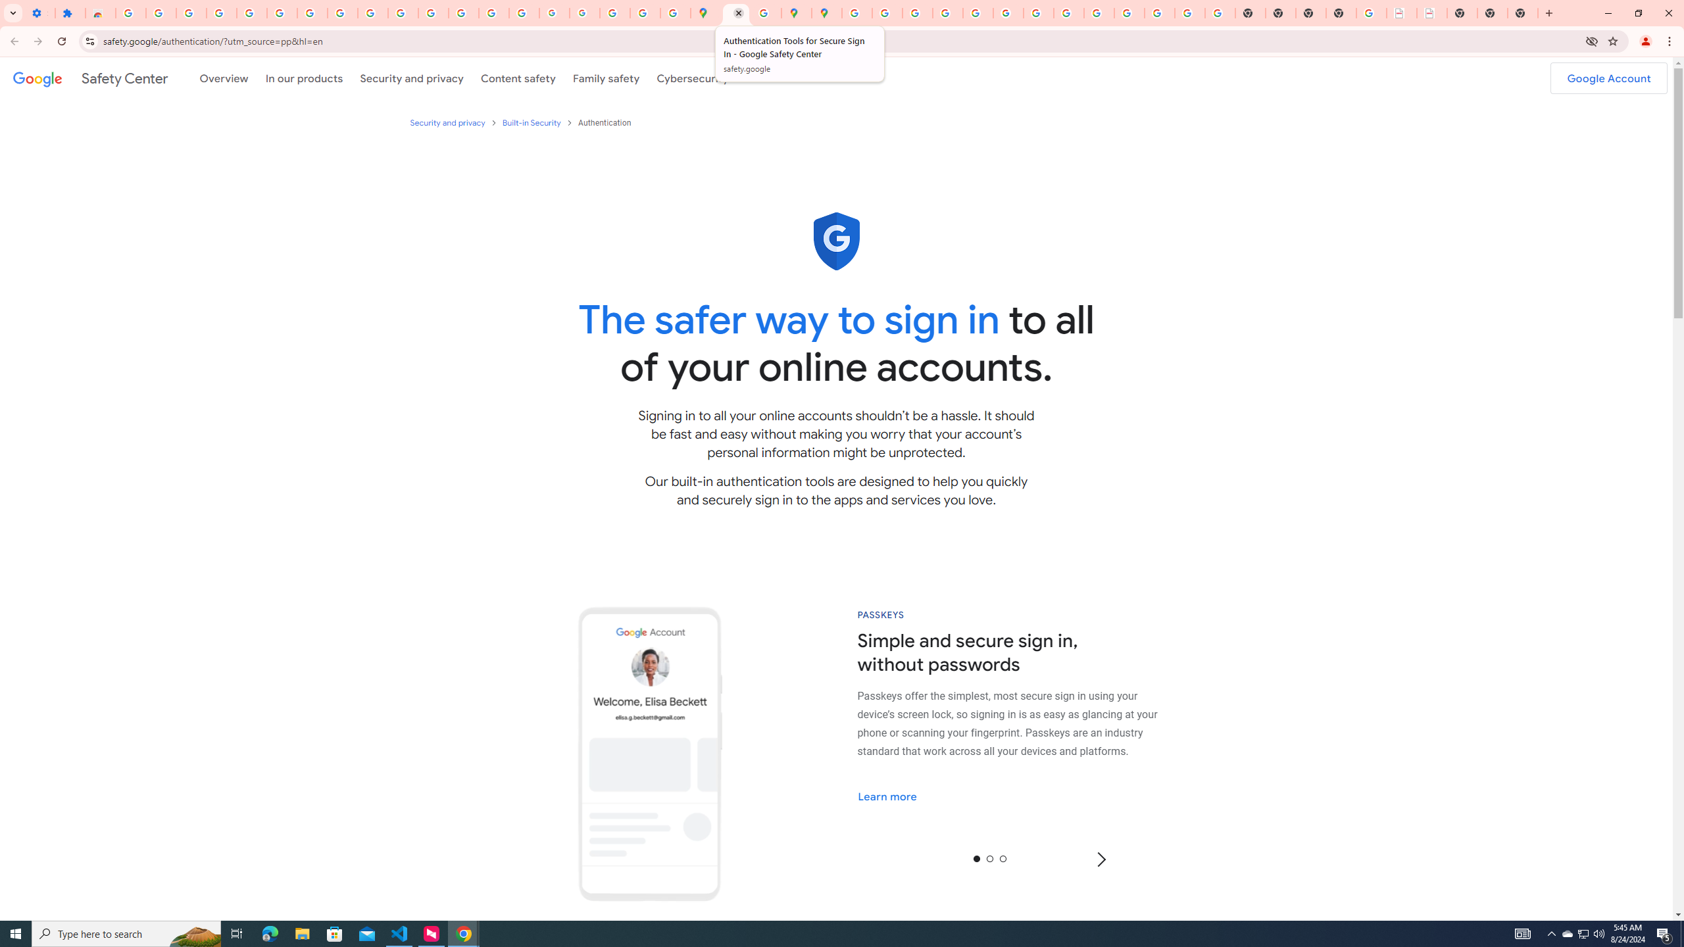 The image size is (1684, 947). I want to click on 'AutomationID: passkeys-module-1', so click(1022, 723).